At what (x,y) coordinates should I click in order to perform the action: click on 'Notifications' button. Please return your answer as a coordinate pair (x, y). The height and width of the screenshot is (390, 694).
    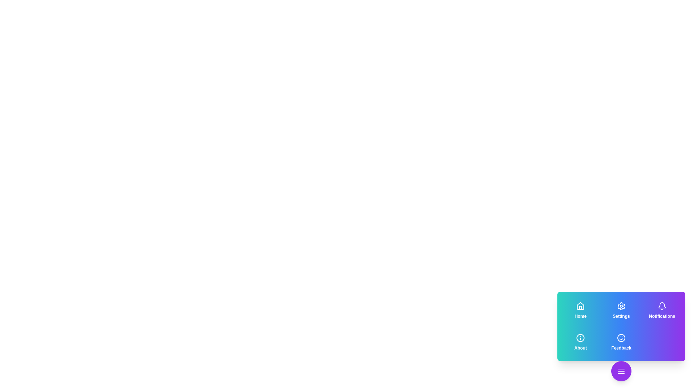
    Looking at the image, I should click on (662, 310).